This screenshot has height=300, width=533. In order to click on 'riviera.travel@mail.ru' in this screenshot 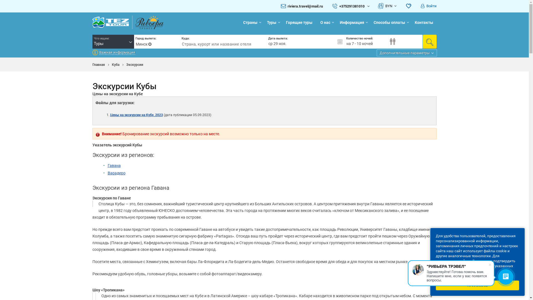, I will do `click(305, 6)`.